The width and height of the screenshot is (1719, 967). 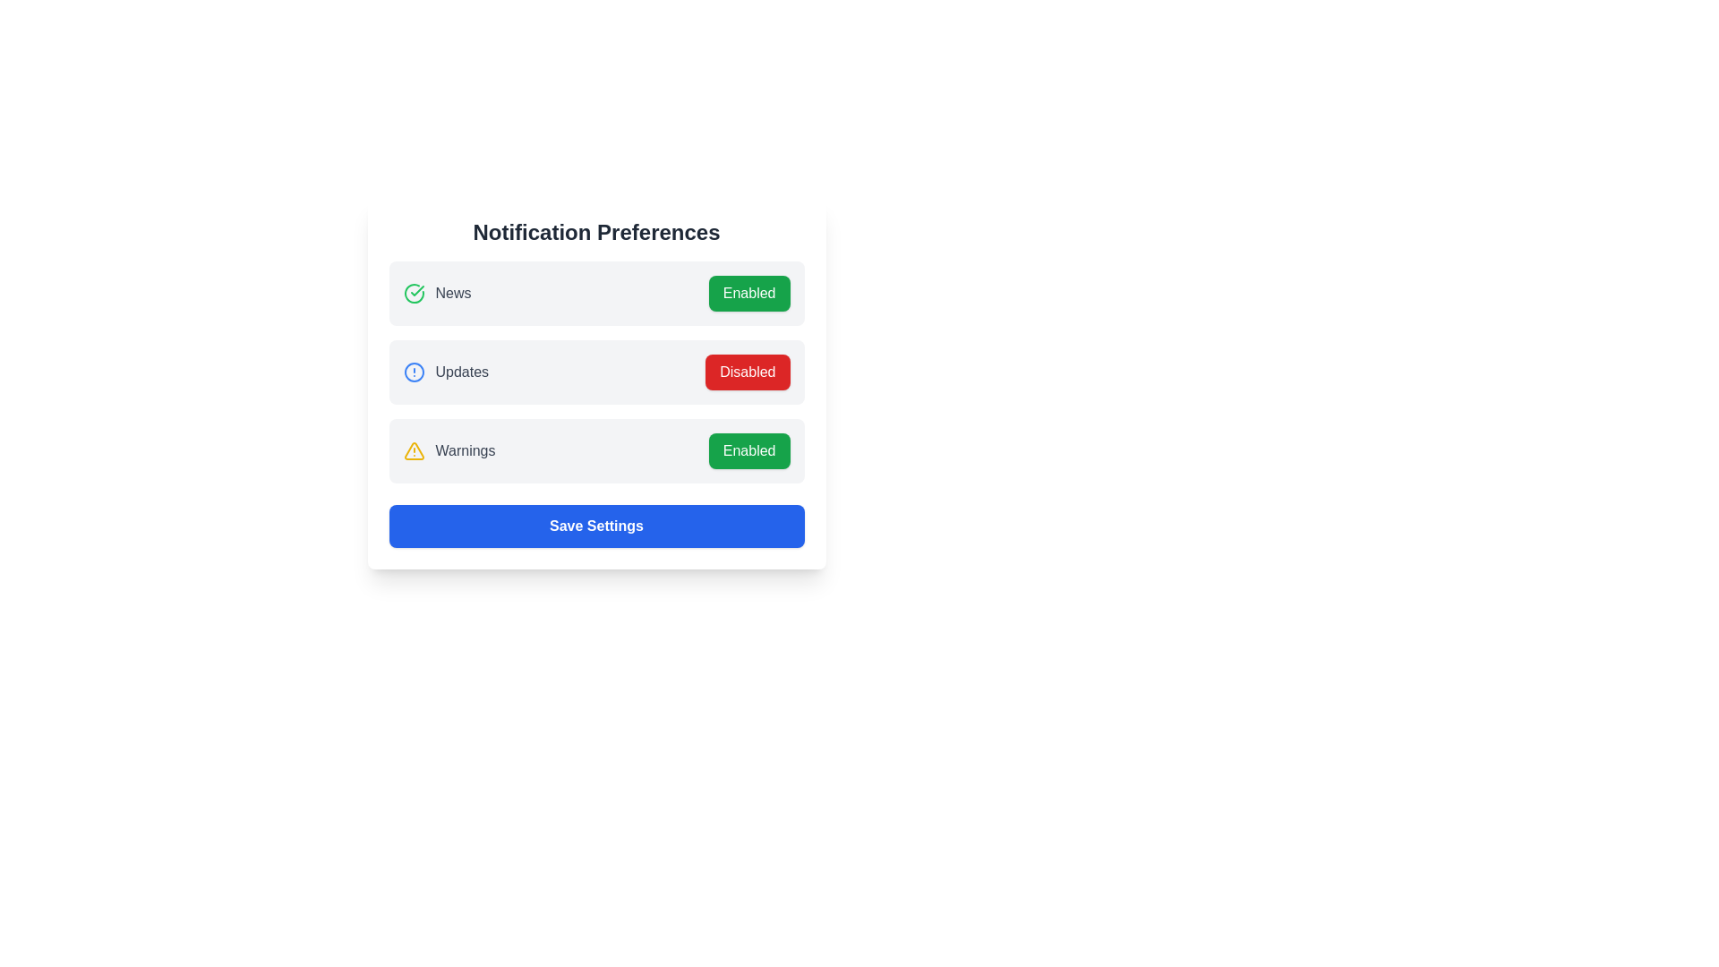 What do you see at coordinates (596, 525) in the screenshot?
I see `'Save Settings' button to save the changes` at bounding box center [596, 525].